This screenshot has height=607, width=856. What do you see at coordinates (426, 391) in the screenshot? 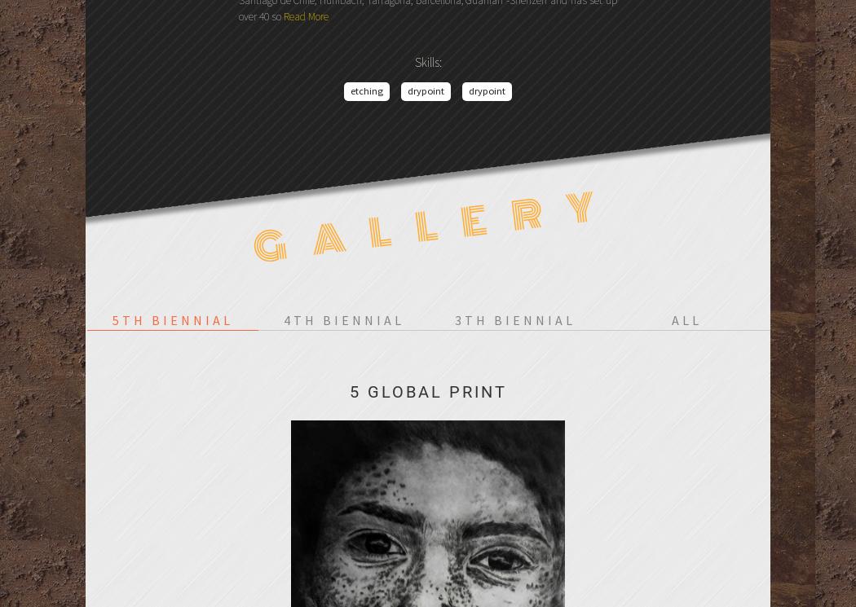
I see `'5 GLOBAL PRINT'` at bounding box center [426, 391].